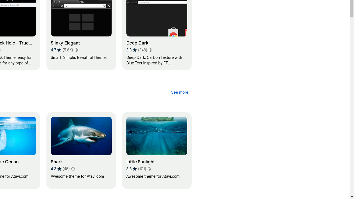  I want to click on 'See more of the "Under the sea" collection', so click(179, 92).